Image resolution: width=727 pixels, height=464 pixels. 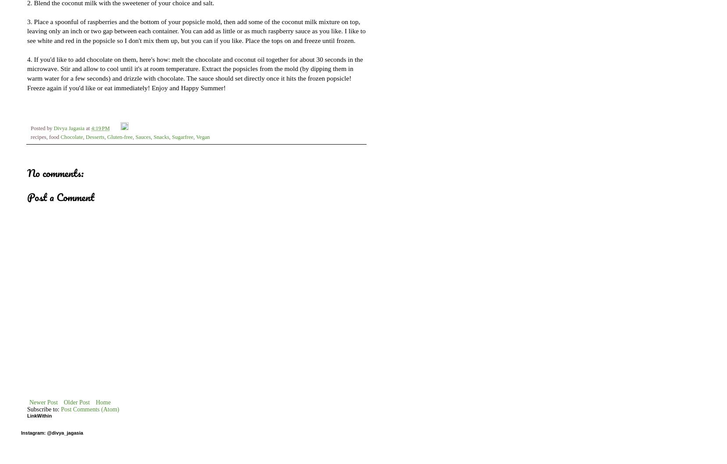 What do you see at coordinates (45, 137) in the screenshot?
I see `'recipes, food'` at bounding box center [45, 137].